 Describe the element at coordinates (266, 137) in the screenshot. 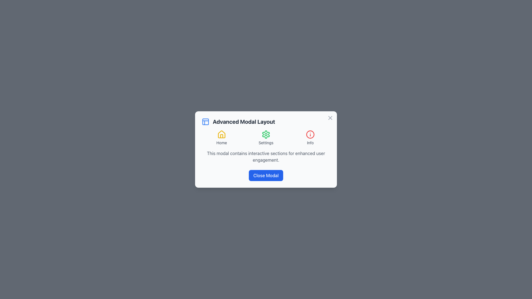

I see `the green gear-shaped Settings button located in the middle of a row of three options in the lower section of a modal dialog` at that location.